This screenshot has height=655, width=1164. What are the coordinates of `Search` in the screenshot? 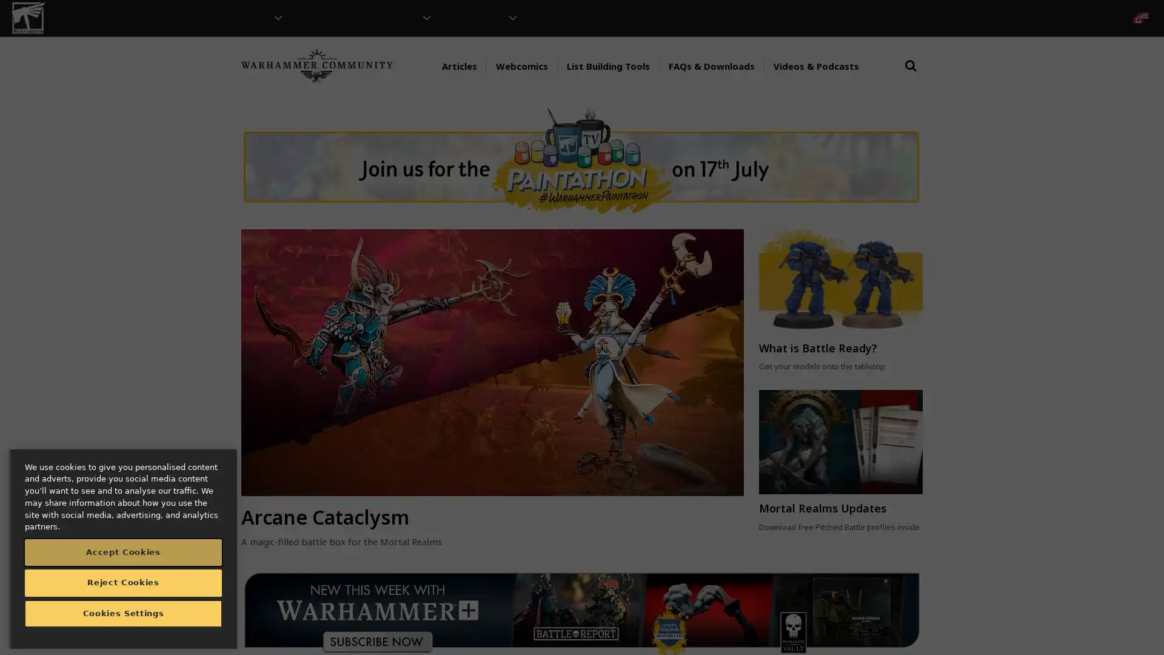 It's located at (911, 77).